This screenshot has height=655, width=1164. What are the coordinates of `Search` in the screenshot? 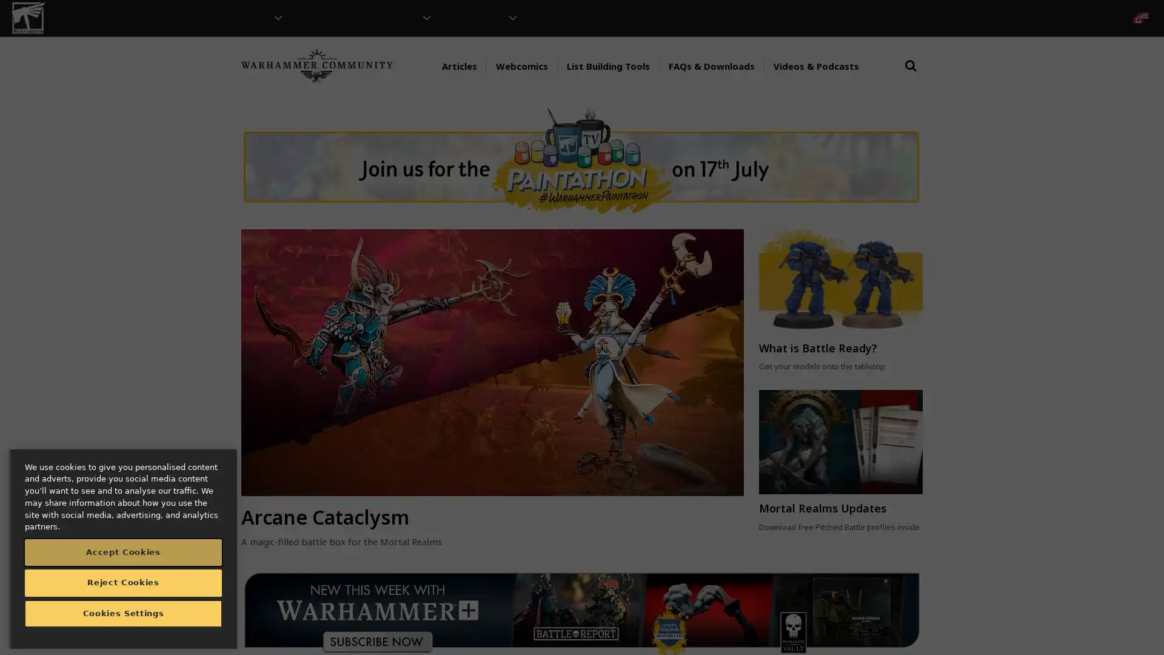 It's located at (911, 77).